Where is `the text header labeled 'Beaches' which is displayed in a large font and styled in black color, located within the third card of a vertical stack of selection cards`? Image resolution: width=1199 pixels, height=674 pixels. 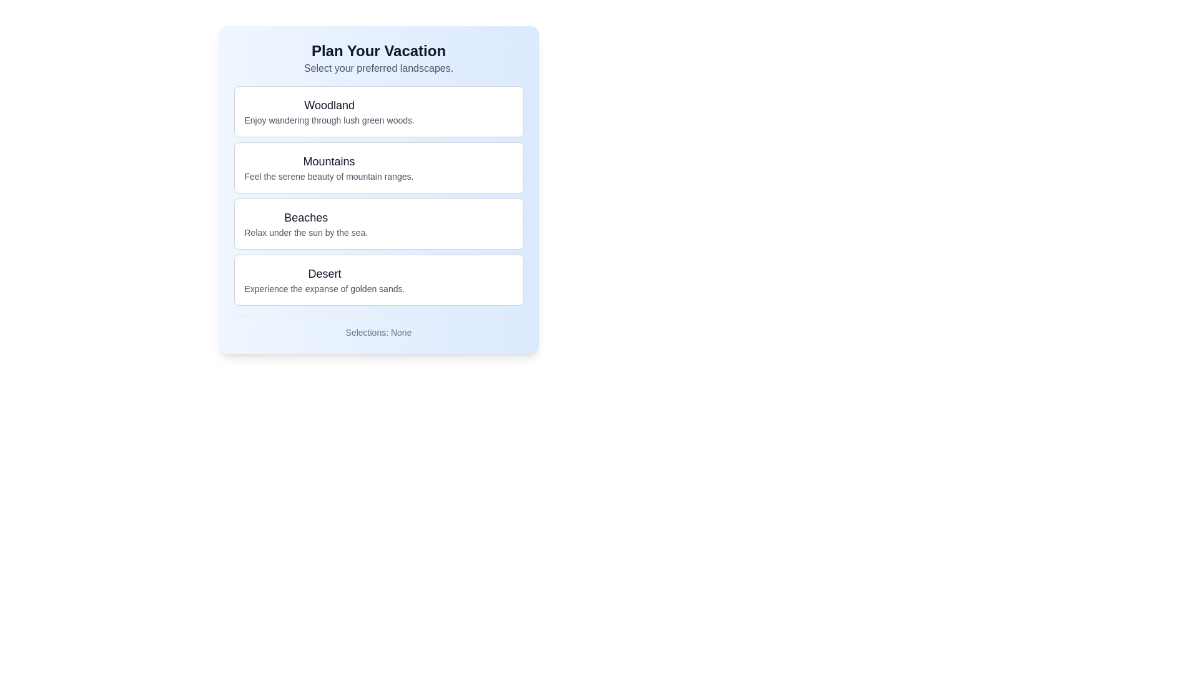
the text header labeled 'Beaches' which is displayed in a large font and styled in black color, located within the third card of a vertical stack of selection cards is located at coordinates (306, 217).